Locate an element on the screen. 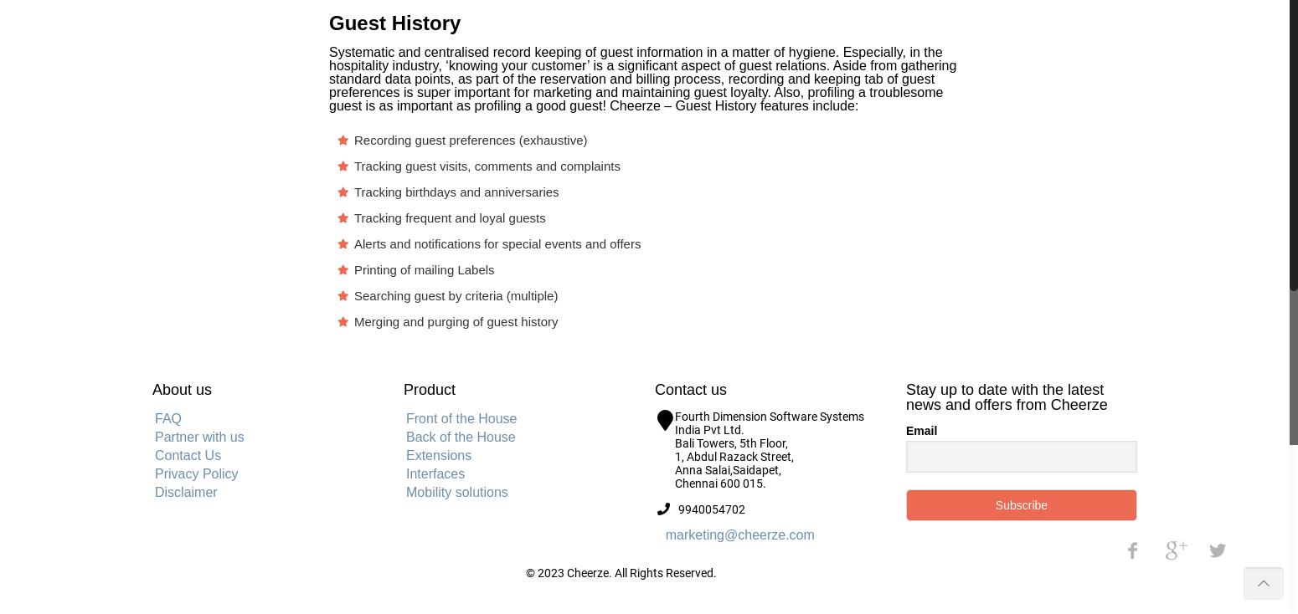 This screenshot has width=1298, height=614. 'Partner with us' is located at coordinates (198, 436).